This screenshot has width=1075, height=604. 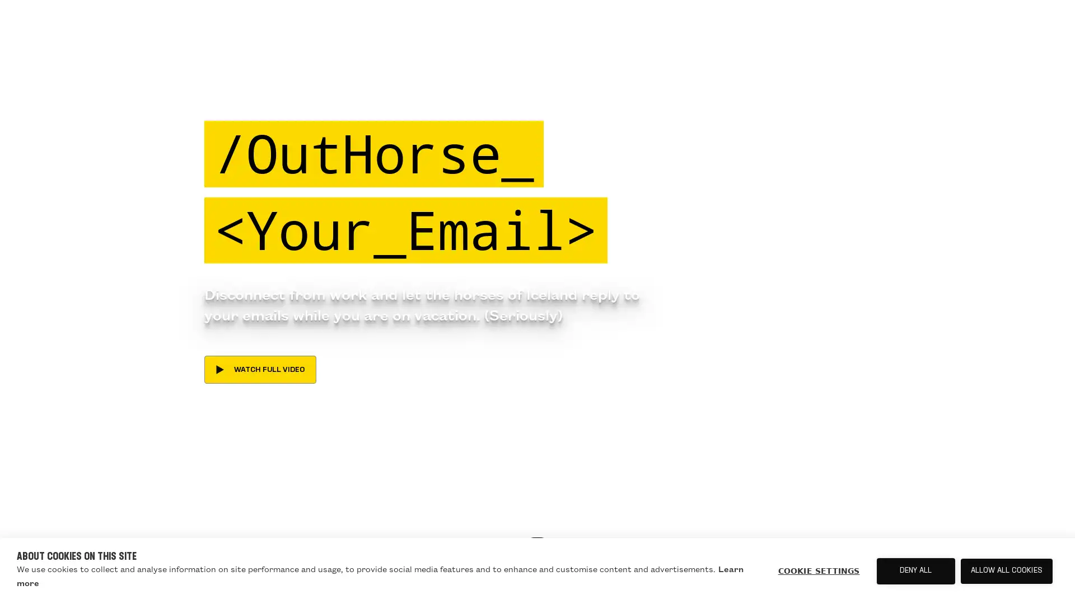 What do you see at coordinates (915, 570) in the screenshot?
I see `DENY ALL` at bounding box center [915, 570].